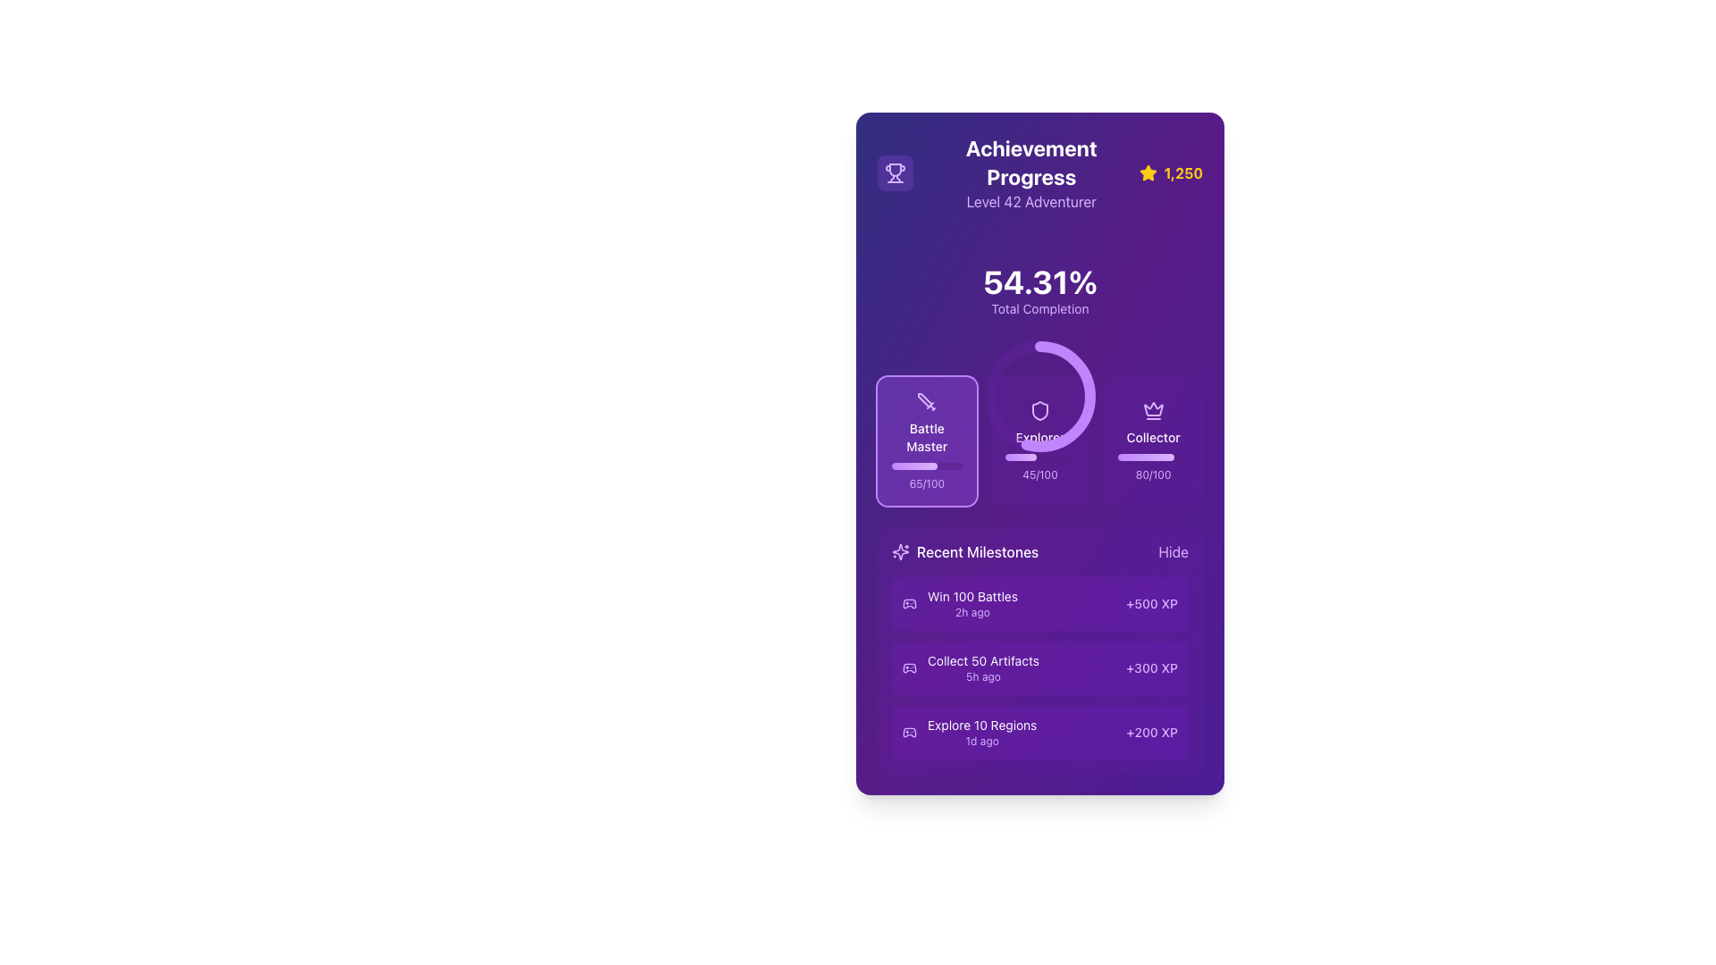 Image resolution: width=1716 pixels, height=965 pixels. Describe the element at coordinates (1039, 395) in the screenshot. I see `label 'Explore' associated with the circular progress indicator that has a central shield icon and a purple stroke, located centrally in the card-style panel beneath 'Total Completion'` at that location.